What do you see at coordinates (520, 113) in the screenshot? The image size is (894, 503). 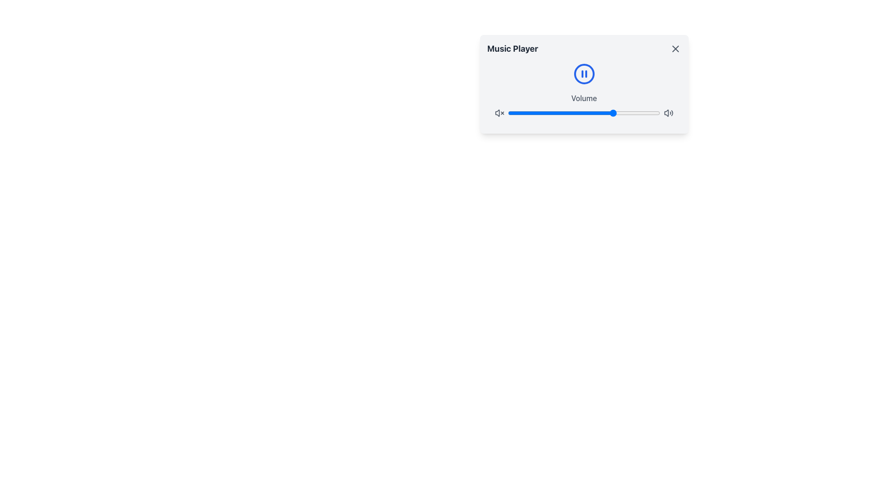 I see `the volume` at bounding box center [520, 113].